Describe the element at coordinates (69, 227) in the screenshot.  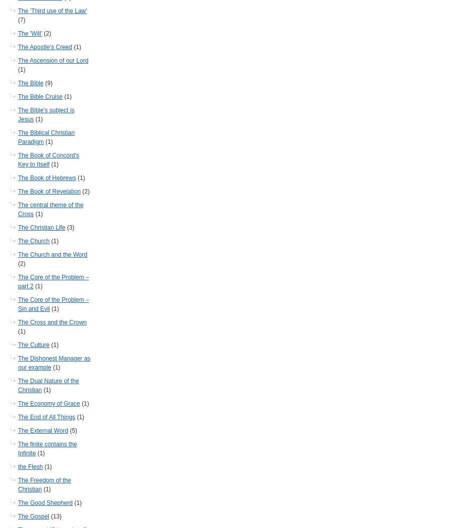
I see `'(3)'` at that location.